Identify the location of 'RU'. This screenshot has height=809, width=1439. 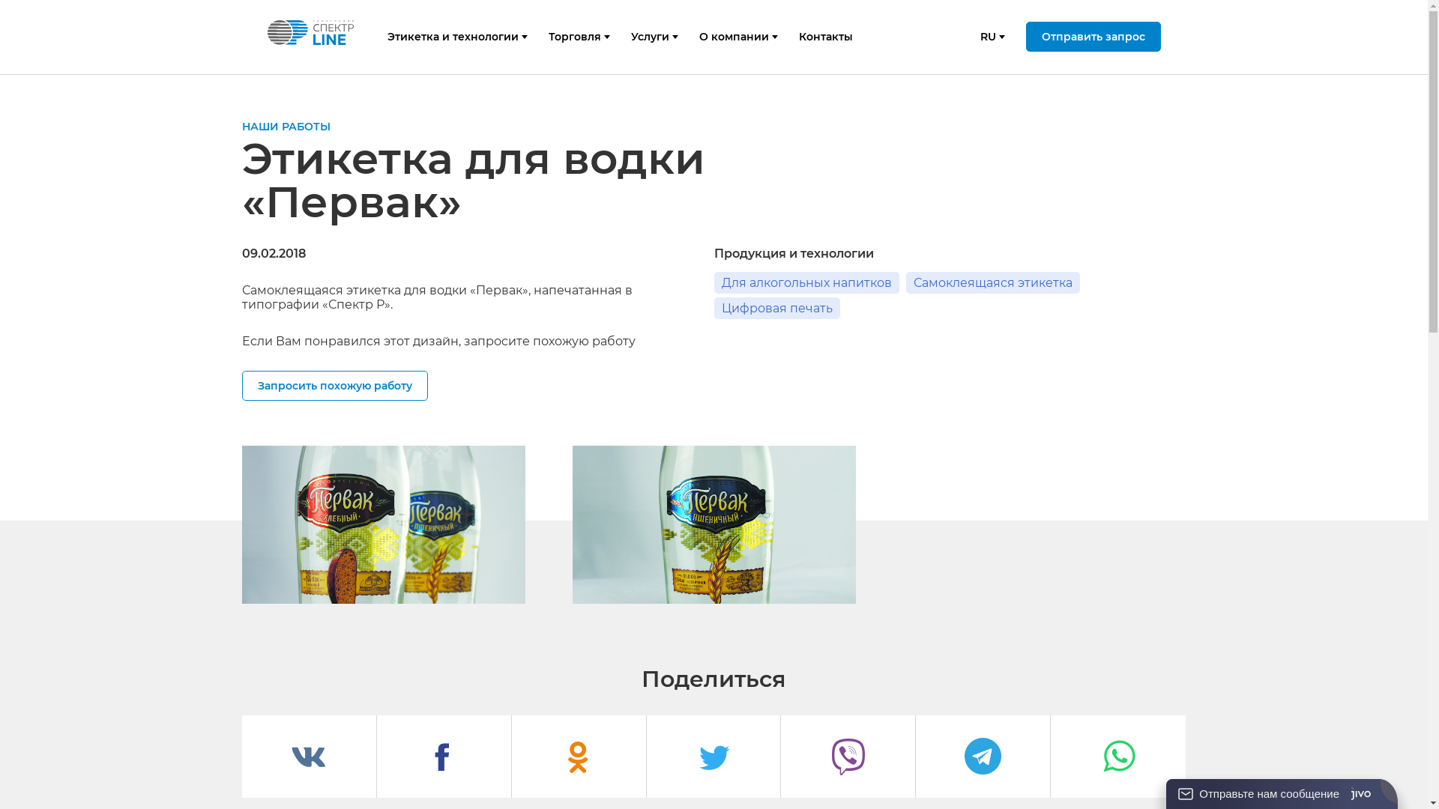
(988, 36).